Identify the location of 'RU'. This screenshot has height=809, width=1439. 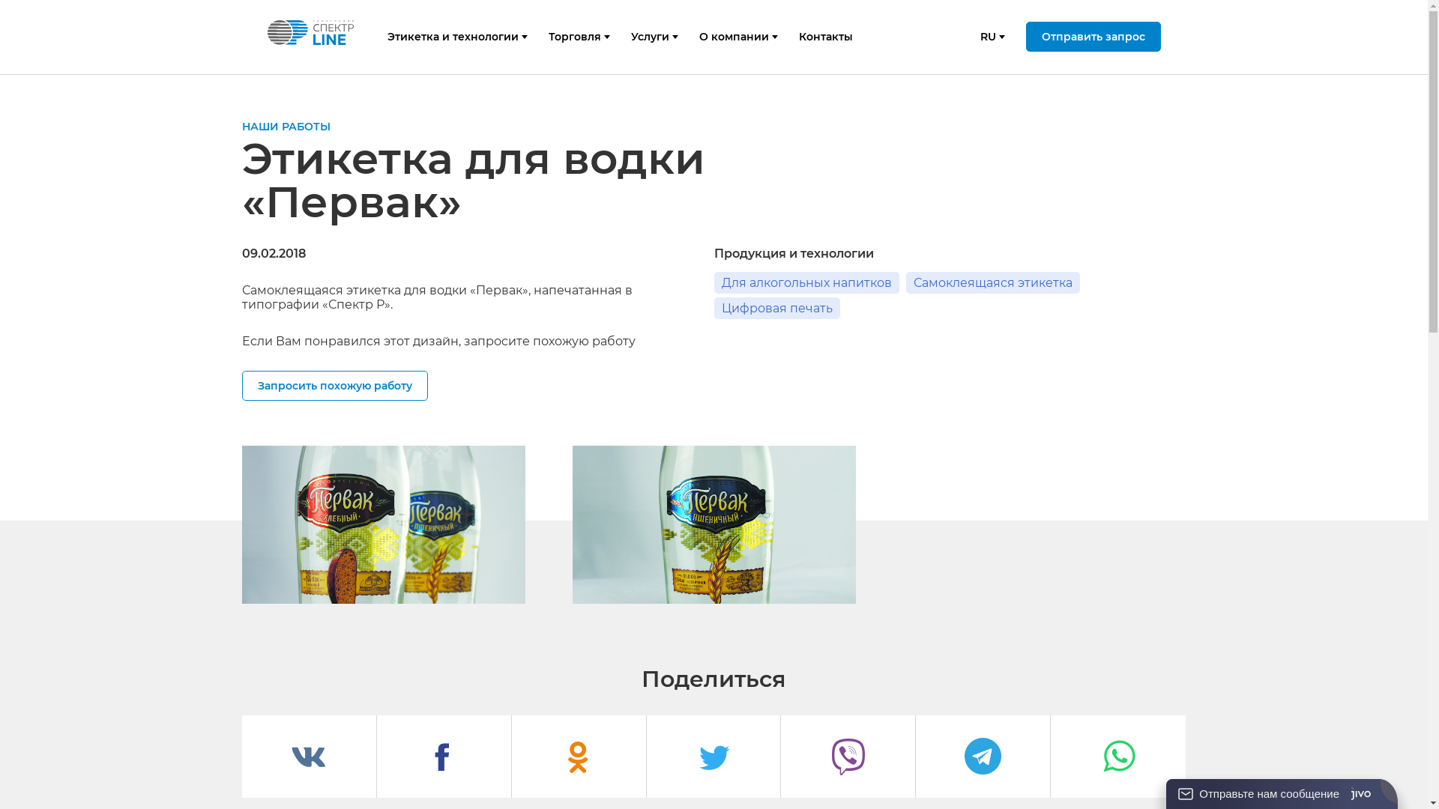
(988, 36).